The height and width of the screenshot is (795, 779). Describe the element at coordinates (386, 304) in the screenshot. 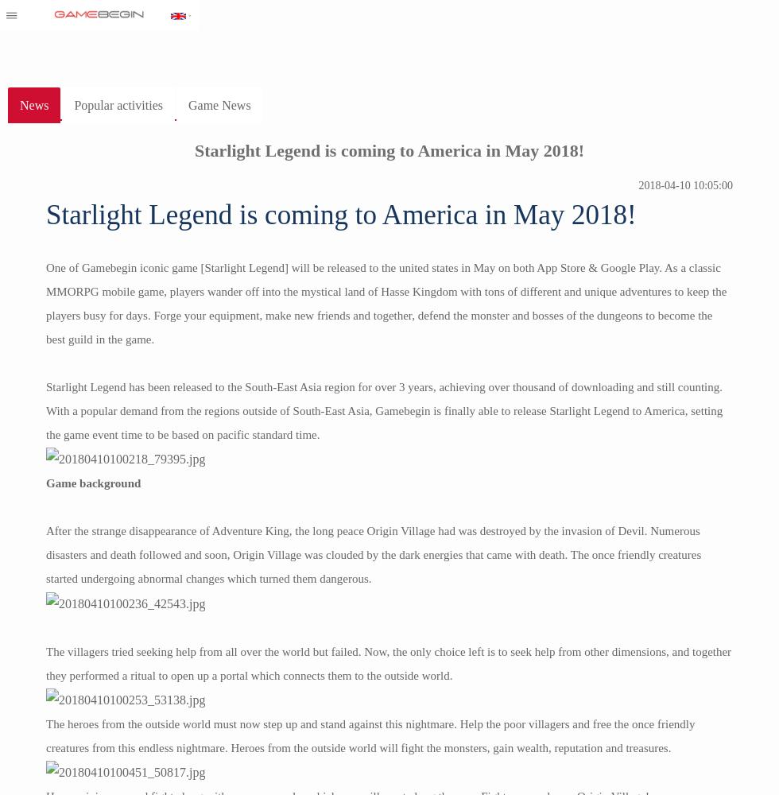

I see `'One of Gamebegin iconic game [Starlight Legend] will be released to the united states in May on both App Store & Google Play. As a classic MMORPG mobile game, players wander off into the mystical land of Hasse Kingdom with tons of different and unique adventures to keep the players busy for days. Forge your equipment, make new friends and together, defend the monster and bosses of the dungeons to become the best guild in the game.'` at that location.